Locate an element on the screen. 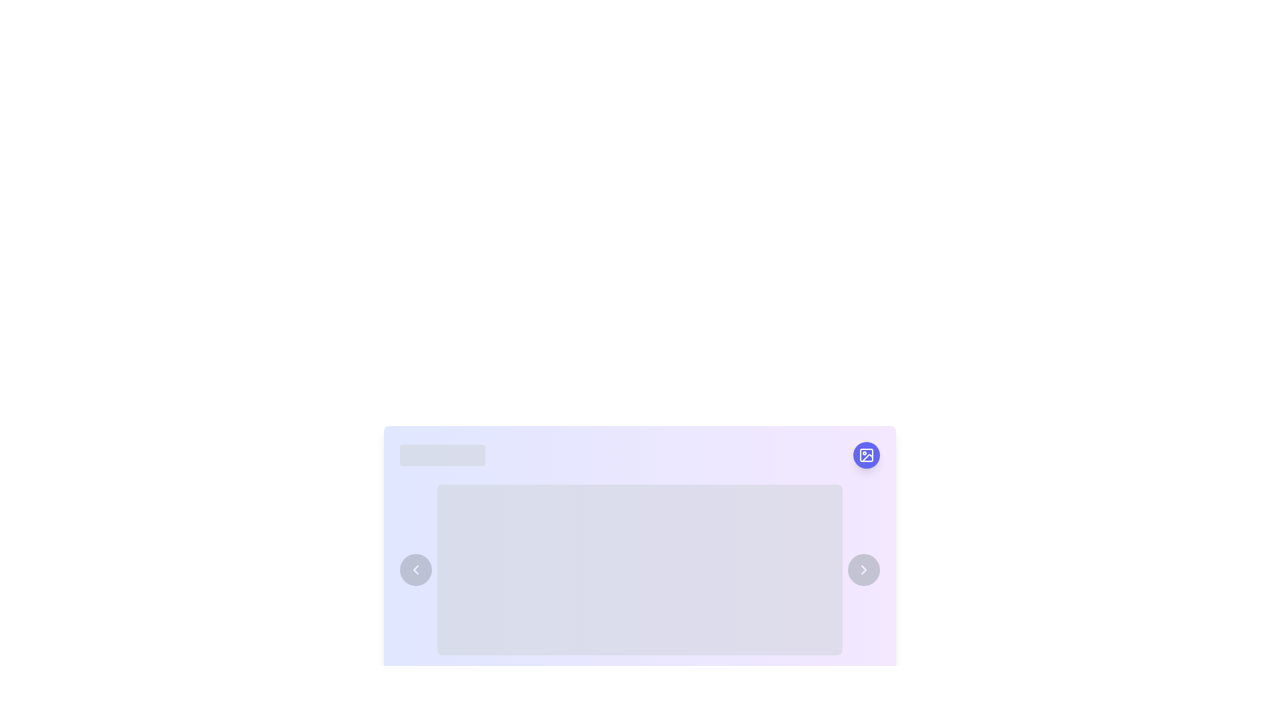  the second button in the row layout positioned to the far right is located at coordinates (866, 454).